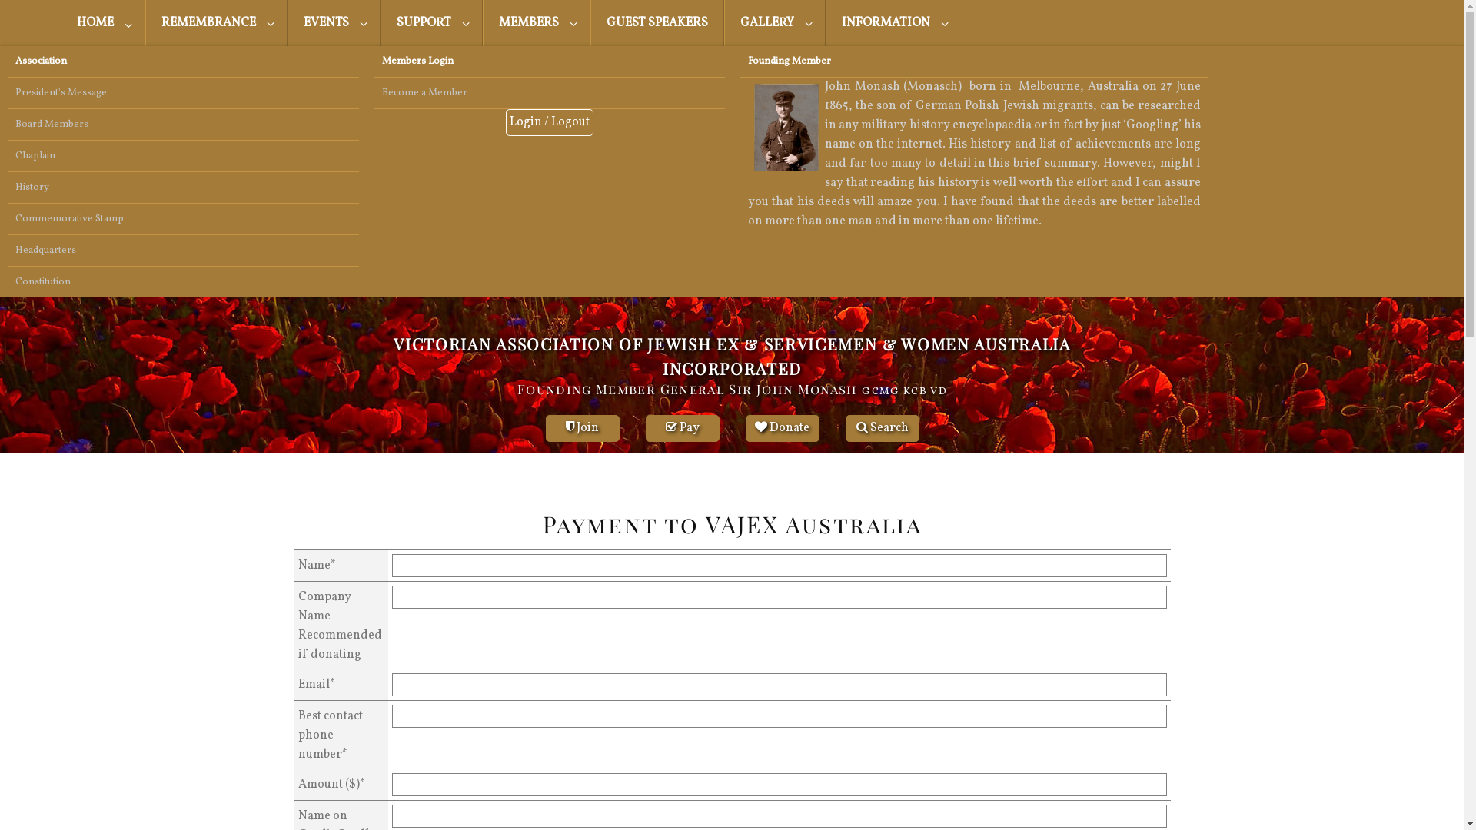 This screenshot has height=830, width=1476. What do you see at coordinates (183, 124) in the screenshot?
I see `'Board Members'` at bounding box center [183, 124].